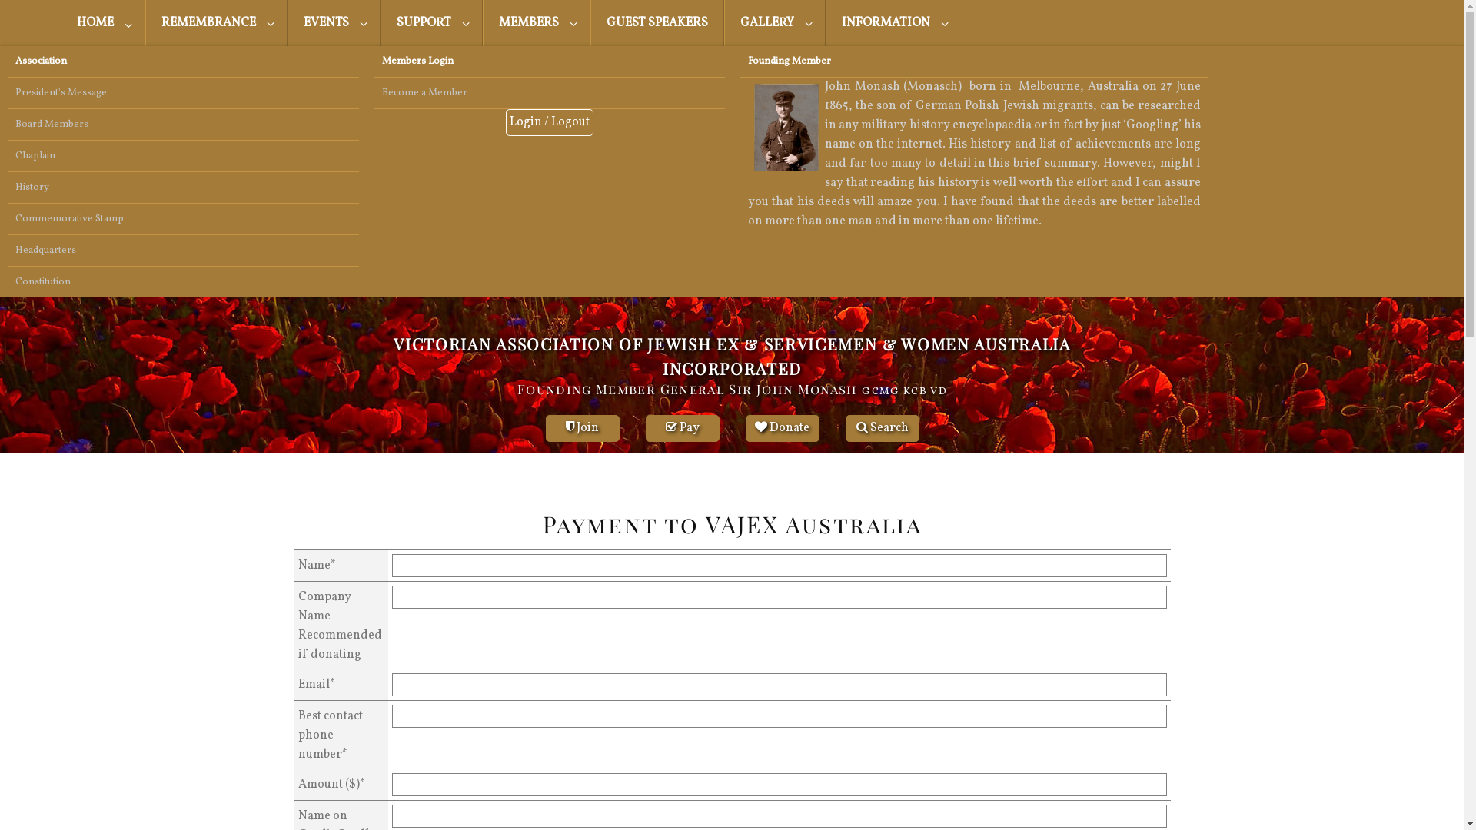 This screenshot has height=830, width=1476. What do you see at coordinates (183, 124) in the screenshot?
I see `'Board Members'` at bounding box center [183, 124].